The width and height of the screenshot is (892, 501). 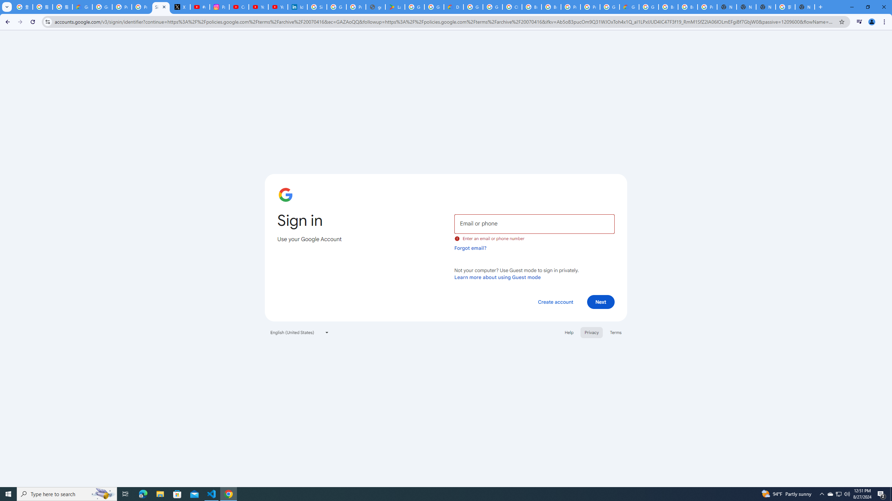 I want to click on 'Forgot email?', so click(x=470, y=248).